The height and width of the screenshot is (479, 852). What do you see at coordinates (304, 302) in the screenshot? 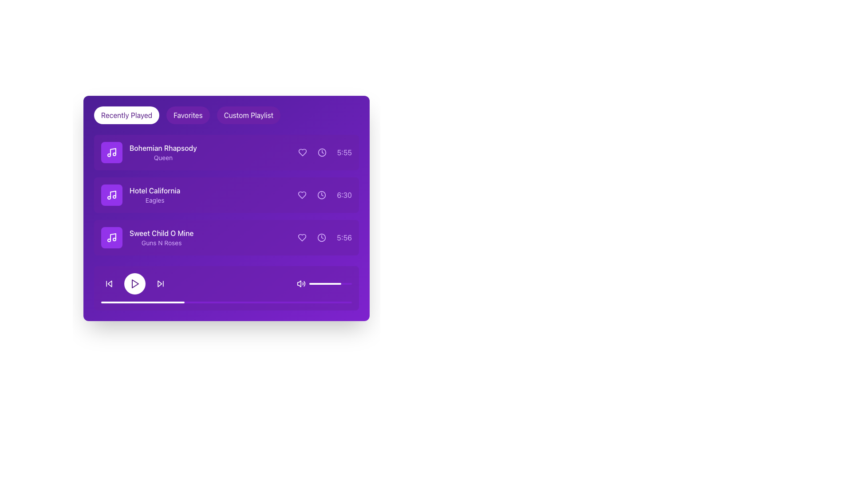
I see `the progress bar` at bounding box center [304, 302].